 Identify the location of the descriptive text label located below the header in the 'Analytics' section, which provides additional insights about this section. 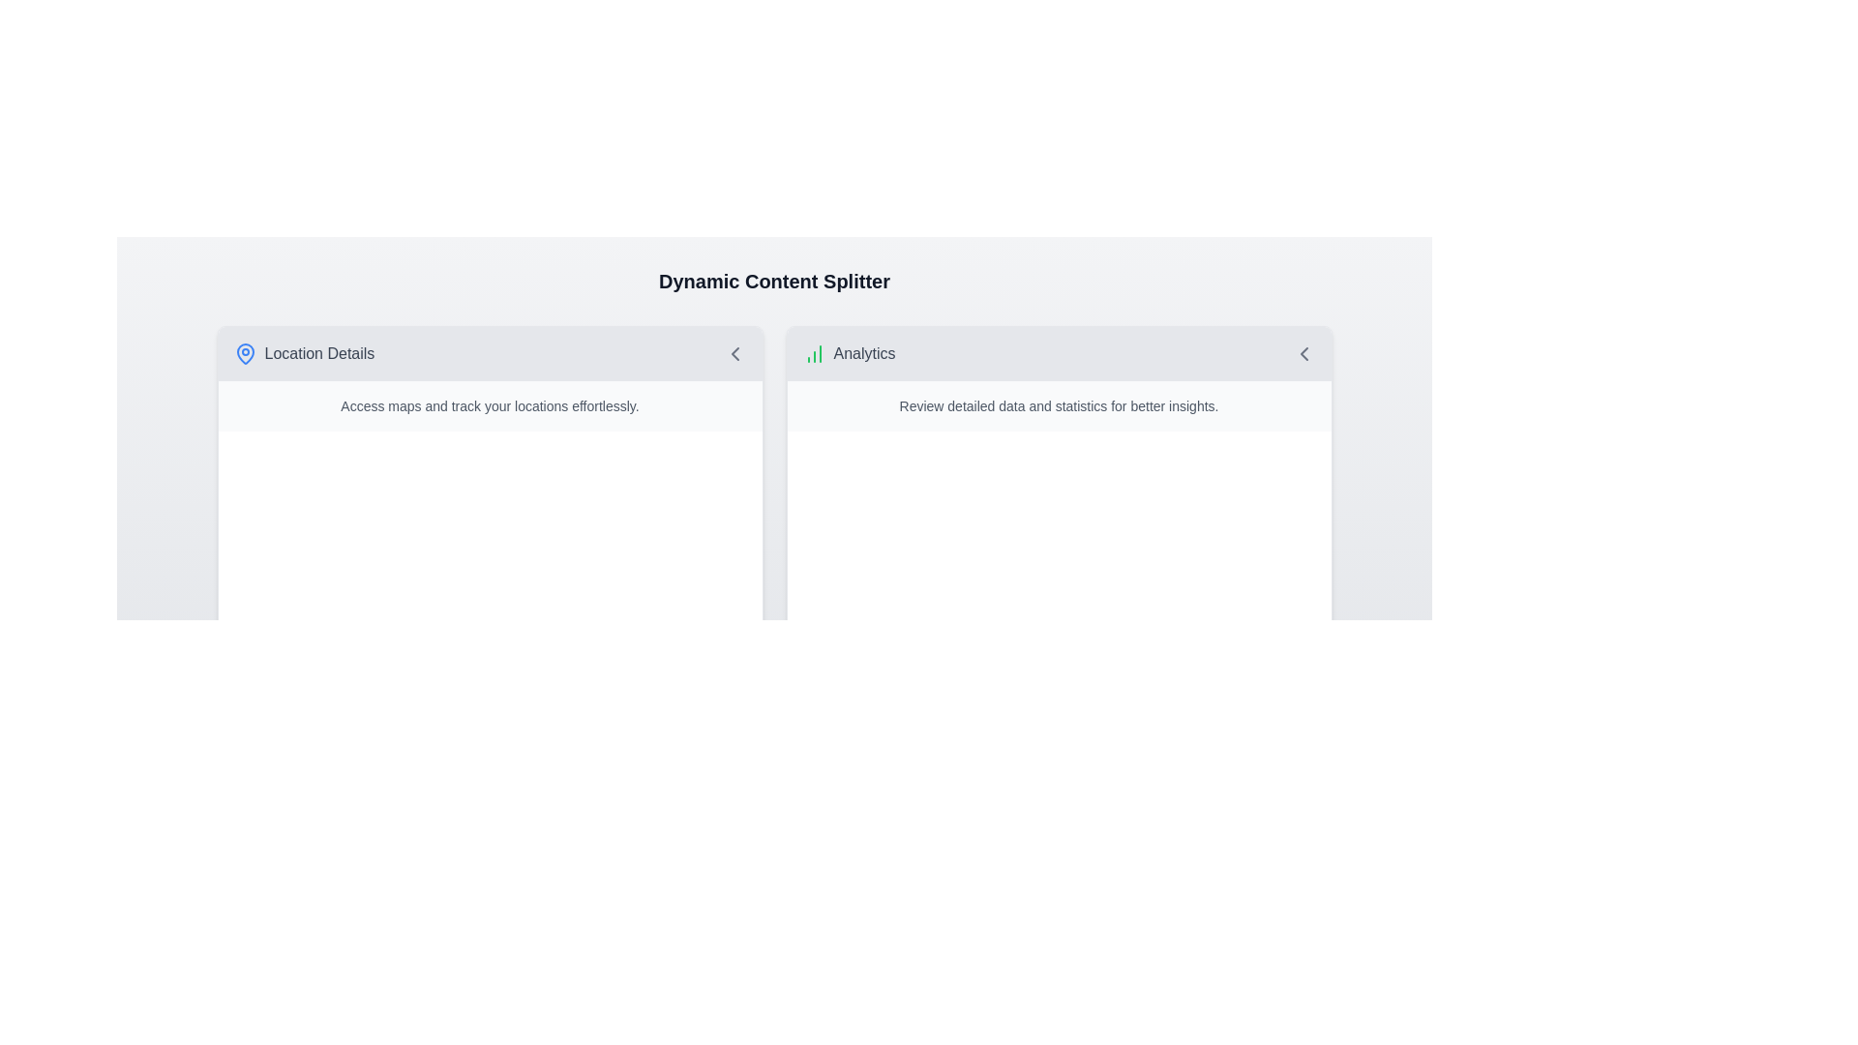
(1058, 405).